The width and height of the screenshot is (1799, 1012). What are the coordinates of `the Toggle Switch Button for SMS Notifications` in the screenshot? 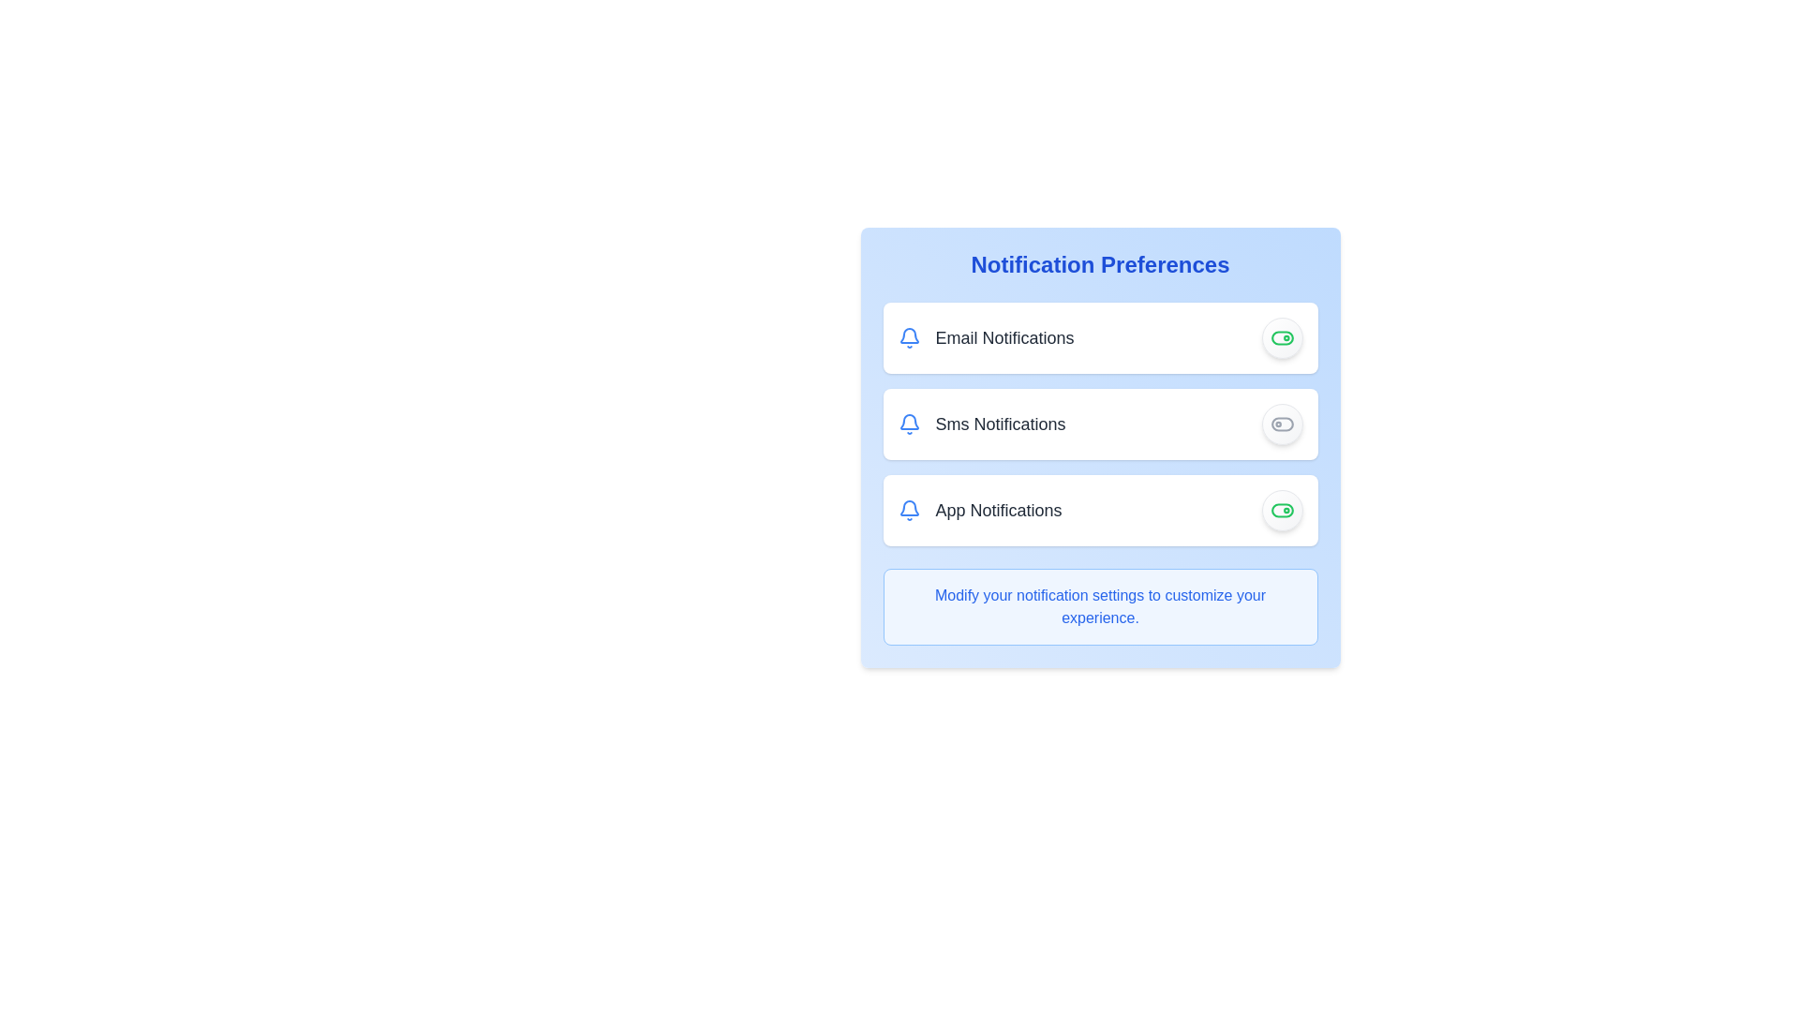 It's located at (1281, 424).